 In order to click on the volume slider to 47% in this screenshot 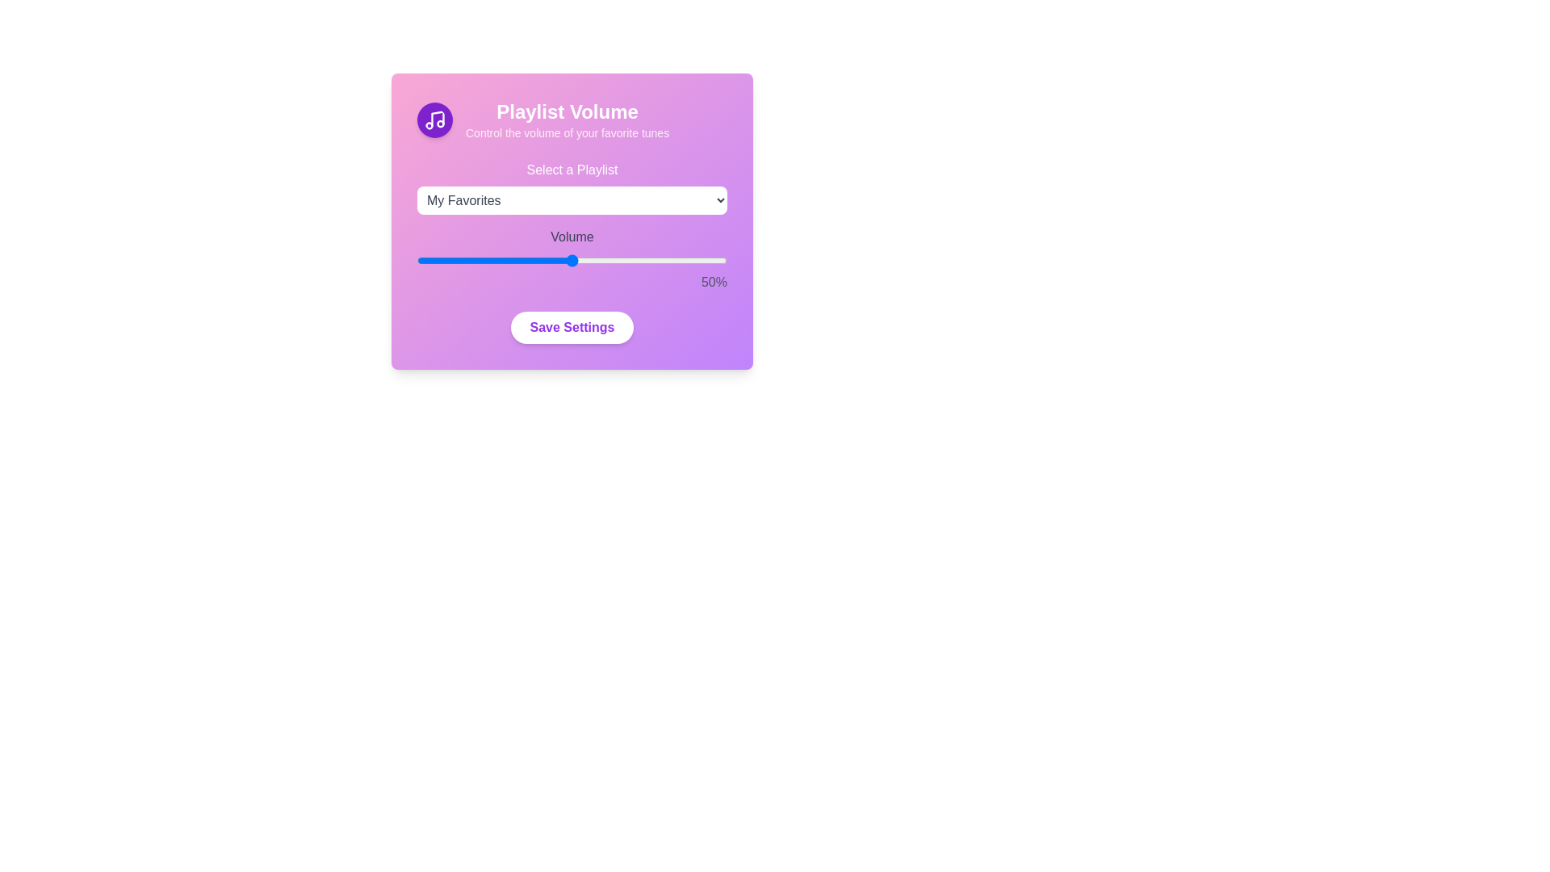, I will do `click(563, 260)`.